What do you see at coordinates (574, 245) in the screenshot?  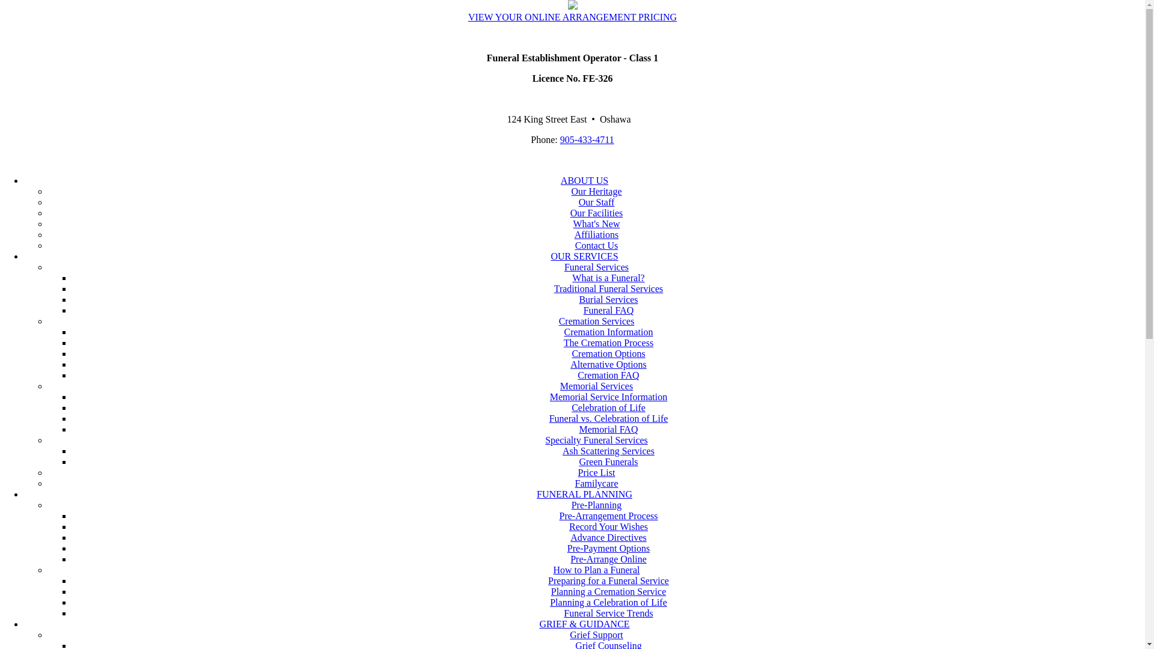 I see `'Contact Us'` at bounding box center [574, 245].